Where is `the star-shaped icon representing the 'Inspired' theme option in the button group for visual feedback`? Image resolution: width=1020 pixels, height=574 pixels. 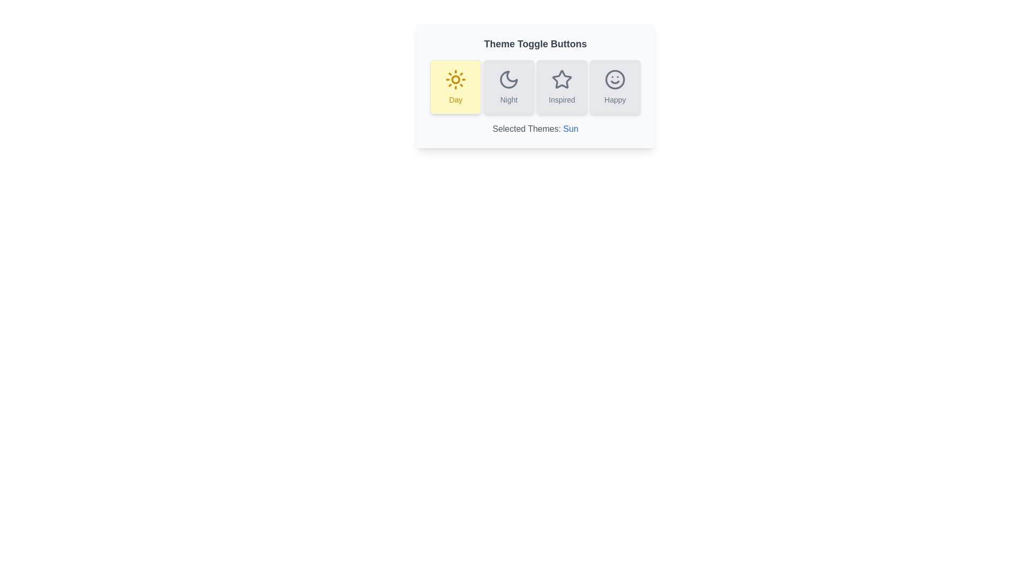
the star-shaped icon representing the 'Inspired' theme option in the button group for visual feedback is located at coordinates (561, 79).